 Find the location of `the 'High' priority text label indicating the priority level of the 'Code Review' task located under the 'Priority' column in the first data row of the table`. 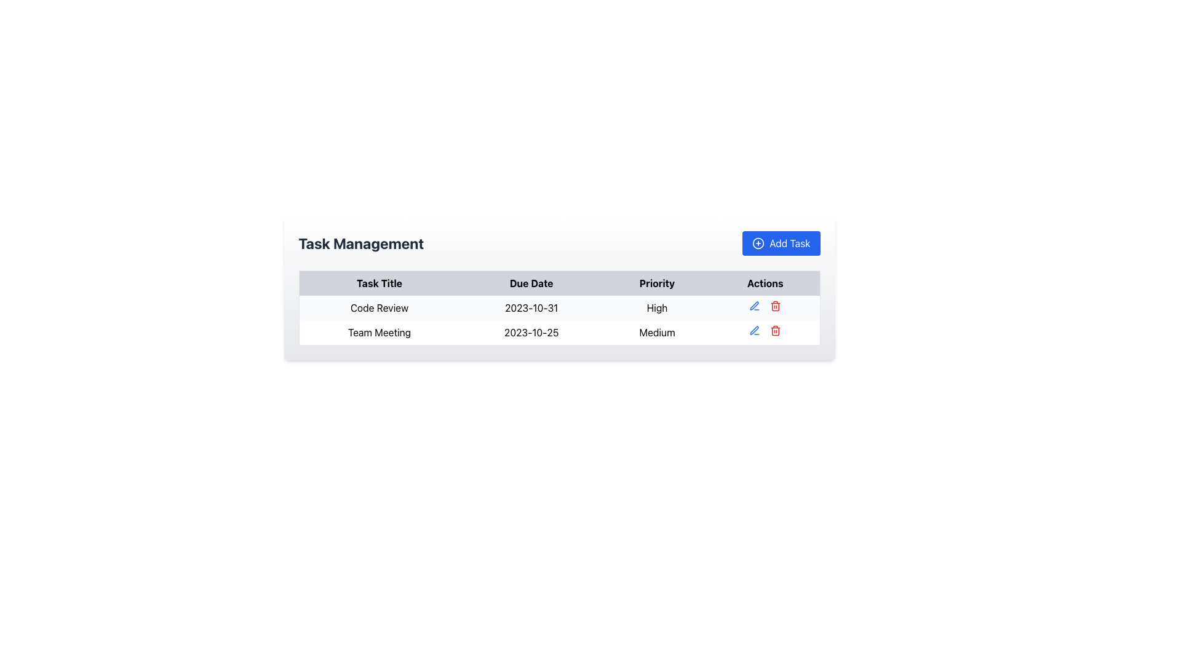

the 'High' priority text label indicating the priority level of the 'Code Review' task located under the 'Priority' column in the first data row of the table is located at coordinates (656, 307).